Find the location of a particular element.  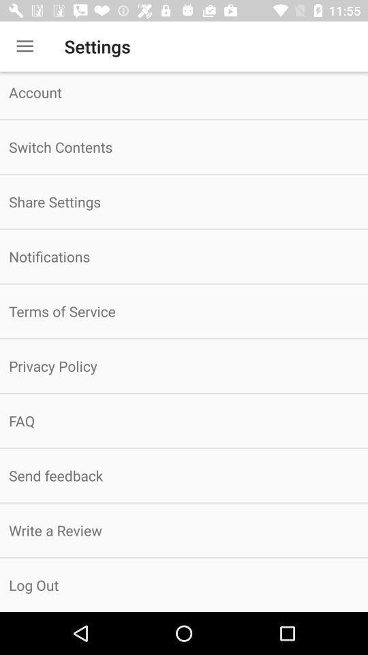

icon below the privacy policy item is located at coordinates (184, 420).